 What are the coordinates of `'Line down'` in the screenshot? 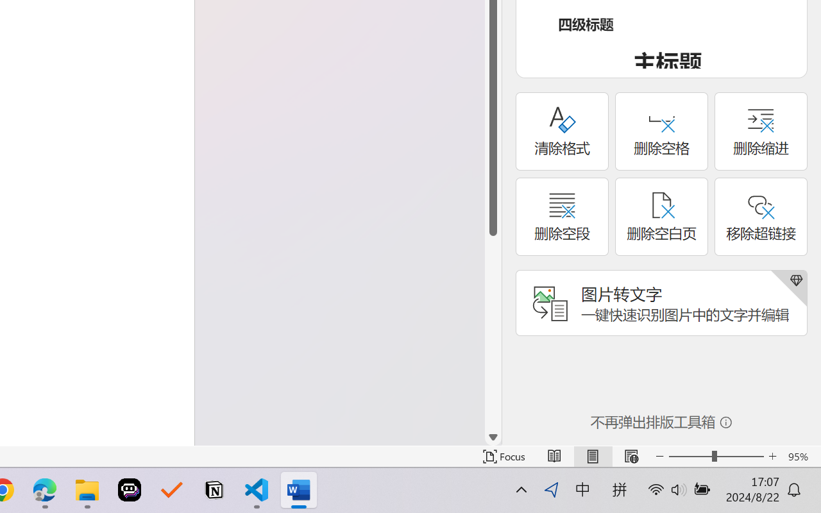 It's located at (493, 437).